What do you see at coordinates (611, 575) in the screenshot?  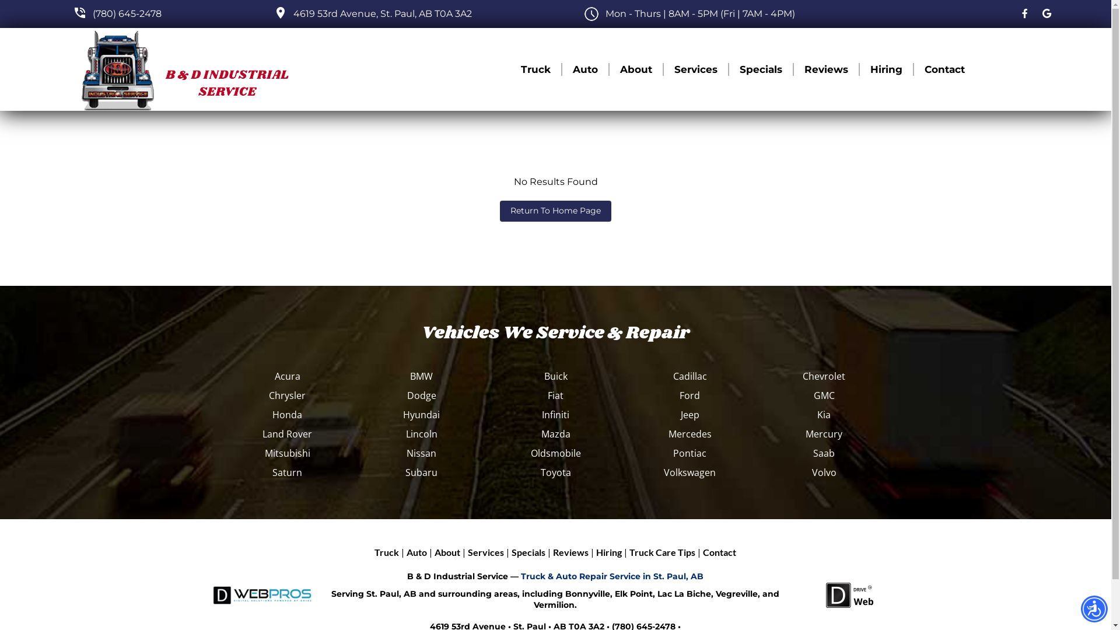 I see `'Truck & Auto Repair Service in St. Paul, AB'` at bounding box center [611, 575].